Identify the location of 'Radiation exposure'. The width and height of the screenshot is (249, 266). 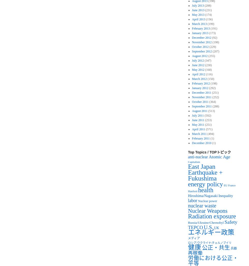
(212, 216).